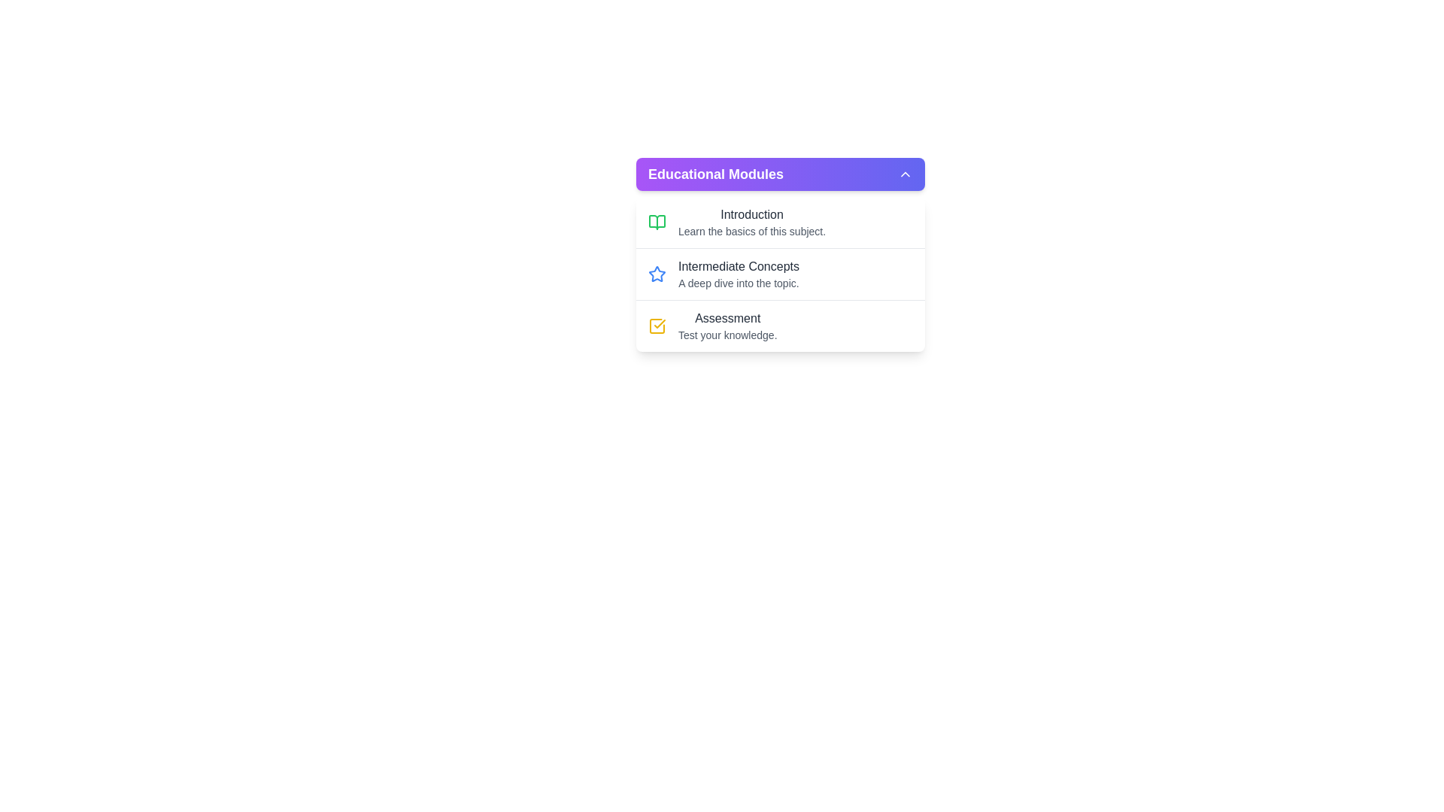 The width and height of the screenshot is (1444, 812). What do you see at coordinates (780, 325) in the screenshot?
I see `the third card labeled 'Assessment' within the 'Educational Modules' dropdown menu` at bounding box center [780, 325].